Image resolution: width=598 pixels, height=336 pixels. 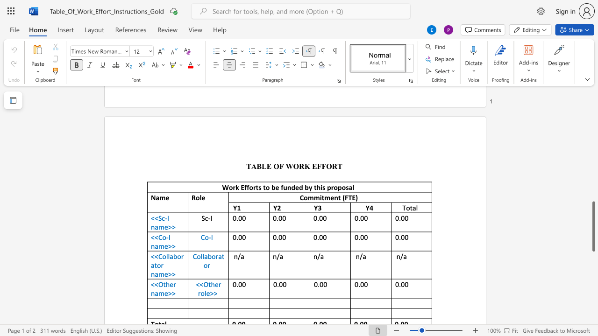 I want to click on the scrollbar to move the content higher, so click(x=593, y=173).